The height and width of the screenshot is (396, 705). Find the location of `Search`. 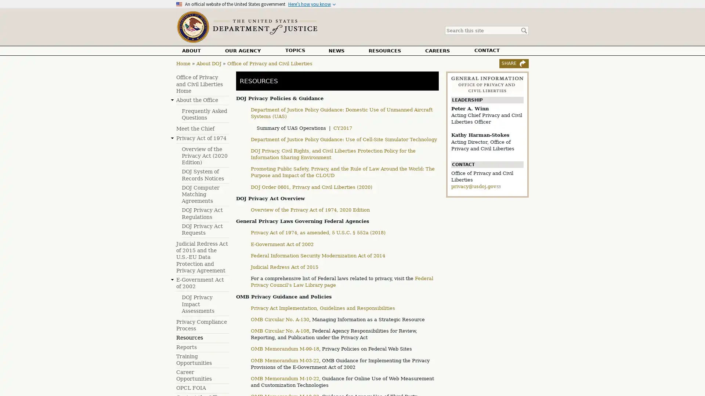

Search is located at coordinates (523, 30).